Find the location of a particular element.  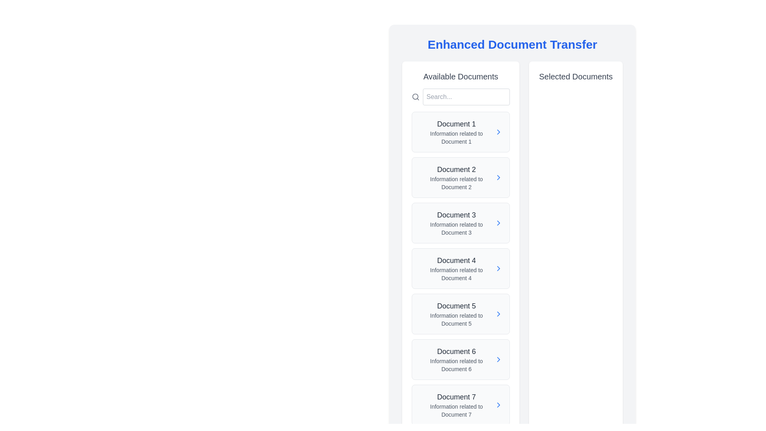

the text label that serves as the title or identifier for the corresponding document in the 'Available Documents' section, specifically the second item in the list is located at coordinates (456, 169).